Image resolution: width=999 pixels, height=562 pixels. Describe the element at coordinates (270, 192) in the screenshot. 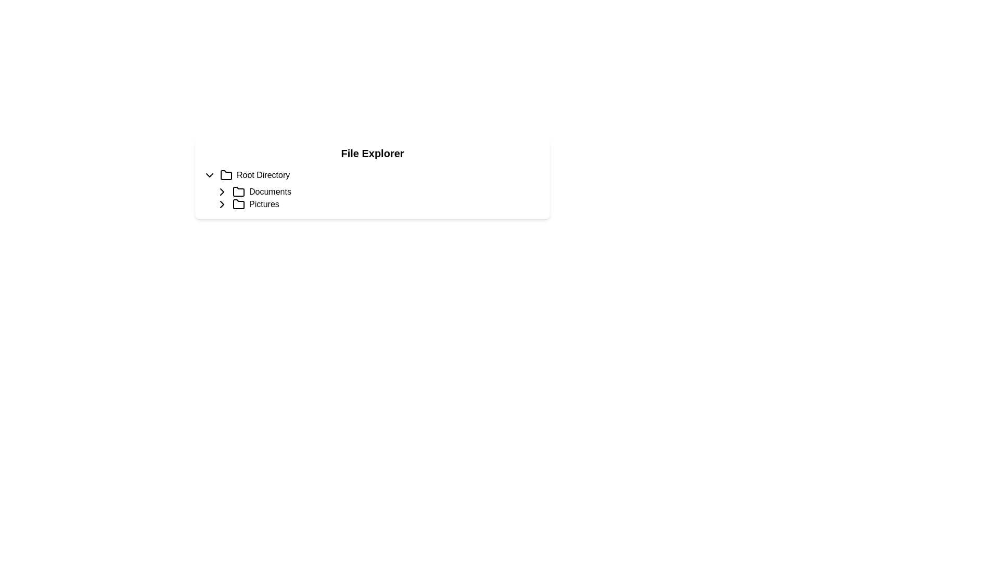

I see `text label displaying 'Documents' located in the middle row of the directory tree UI, positioned below 'Root Directory' and above 'Pictures'` at that location.